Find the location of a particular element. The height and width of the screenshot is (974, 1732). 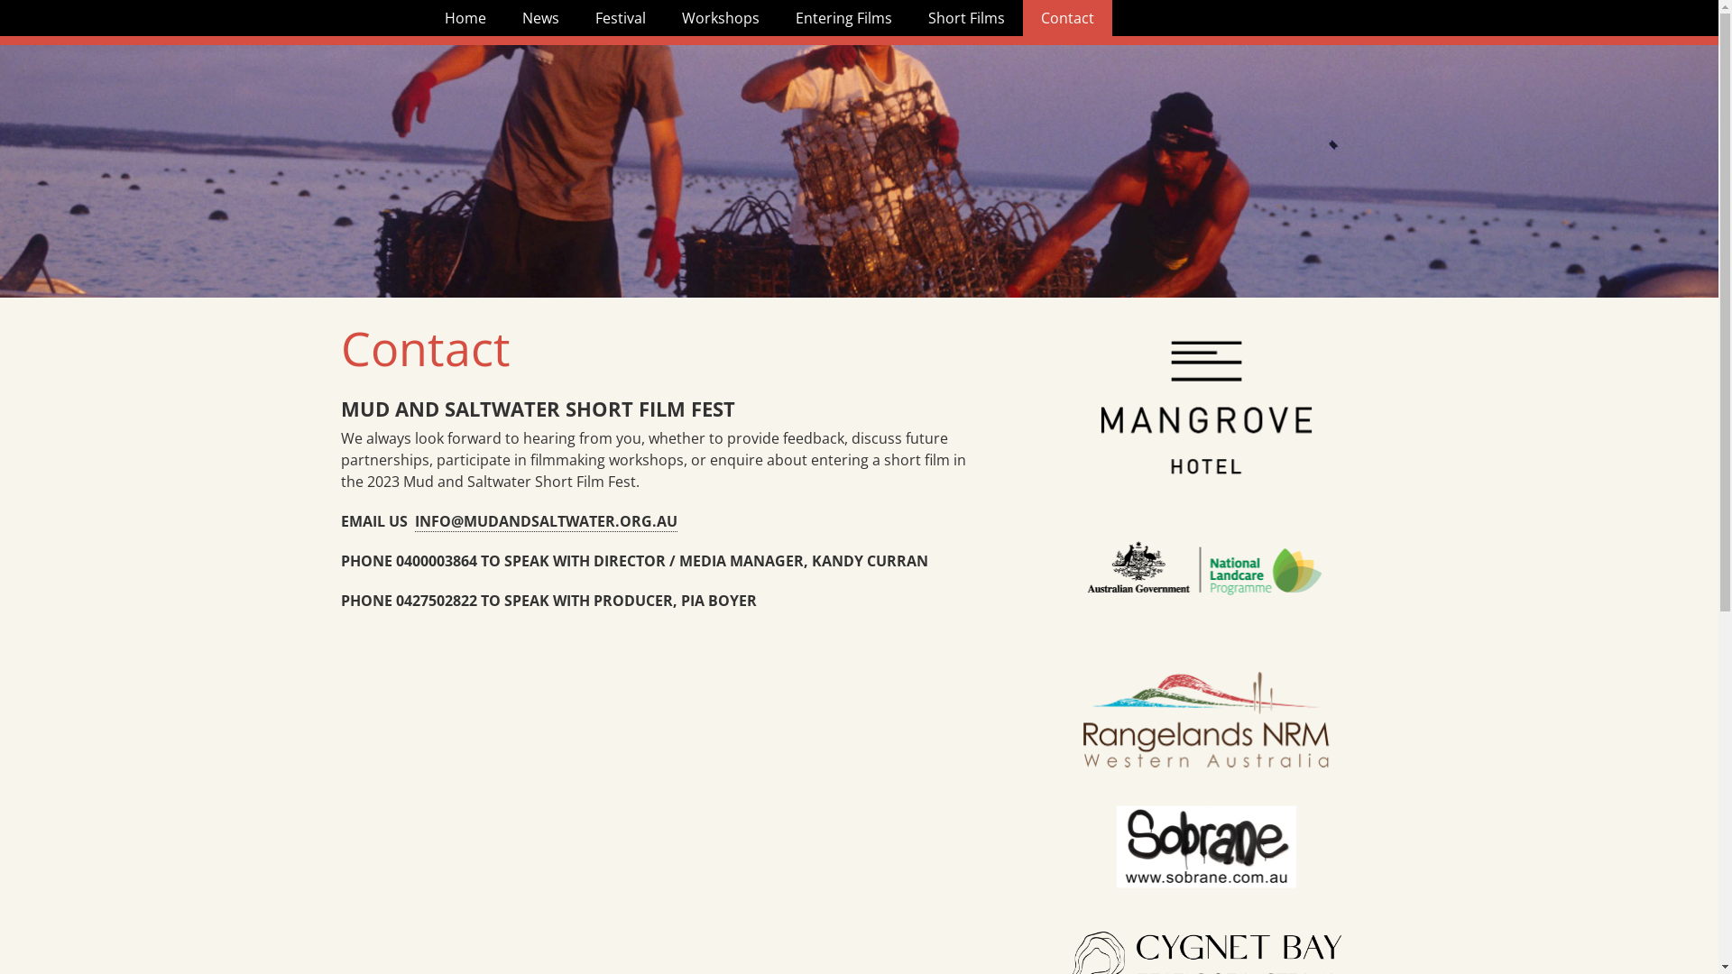

'Entering Films' is located at coordinates (843, 17).